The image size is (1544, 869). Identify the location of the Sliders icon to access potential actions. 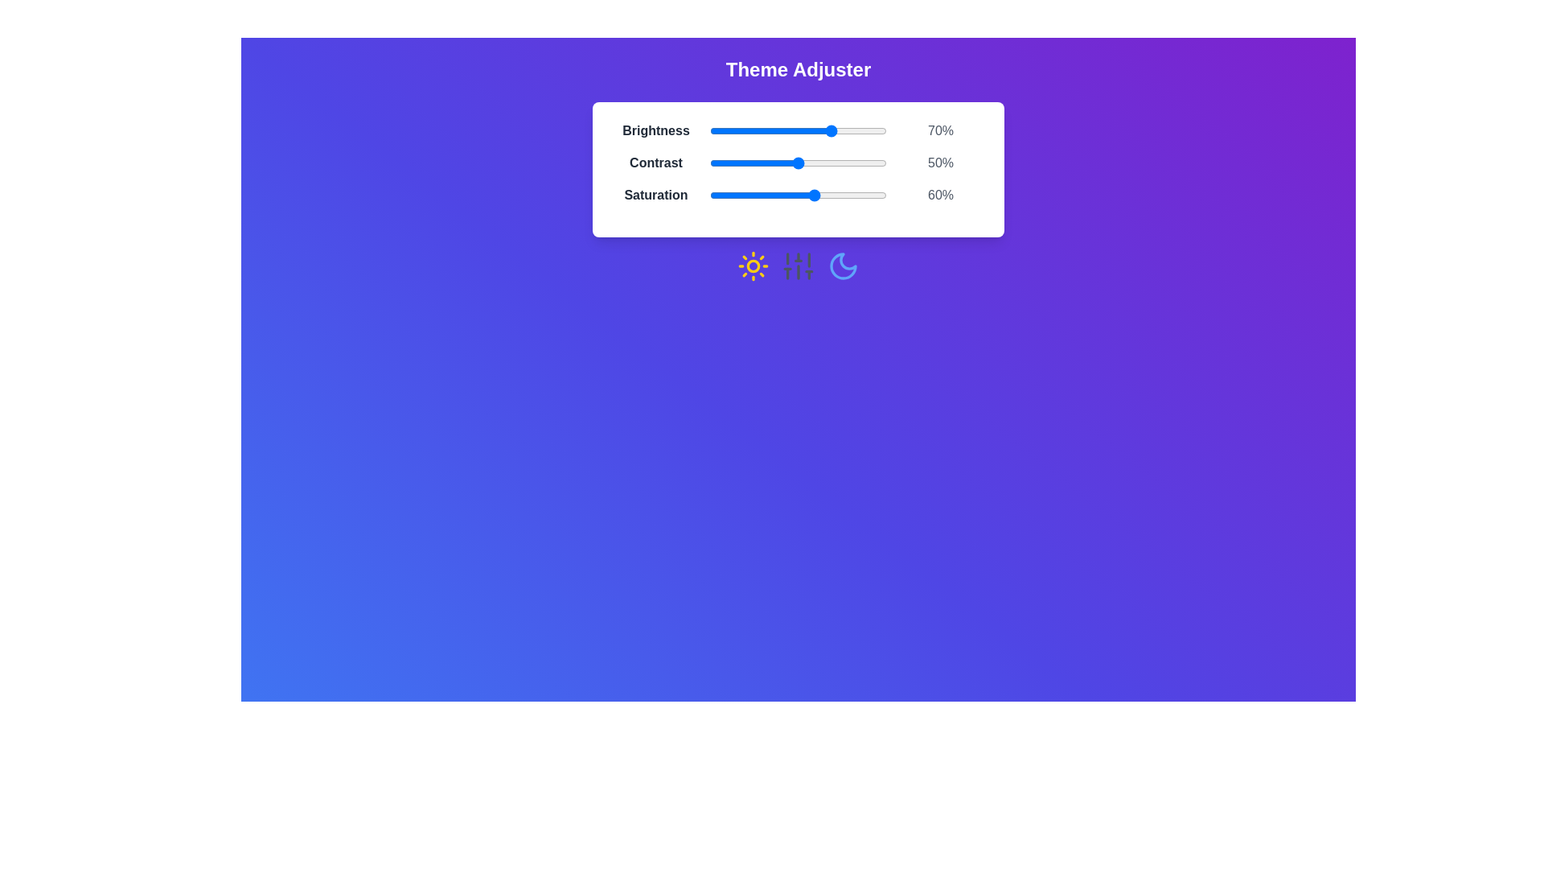
(799, 266).